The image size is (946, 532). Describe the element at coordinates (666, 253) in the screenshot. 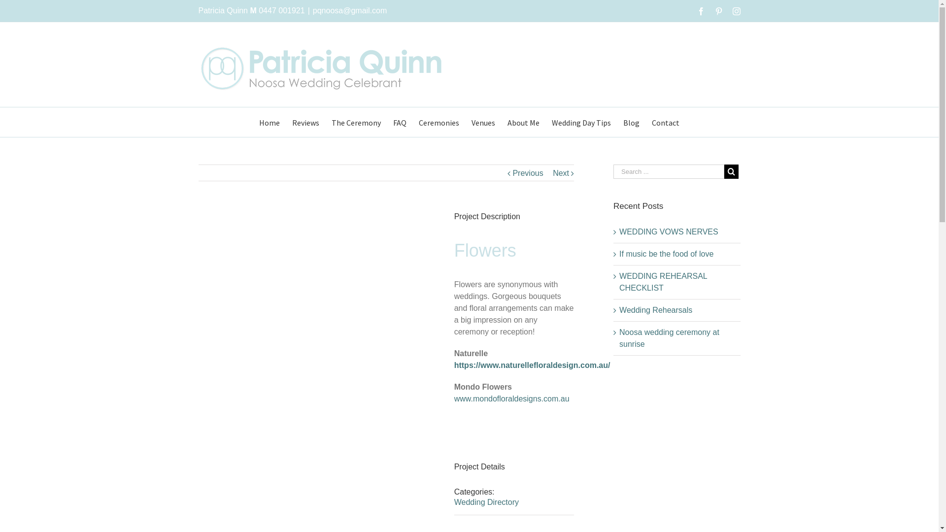

I see `'If music be the food of love'` at that location.